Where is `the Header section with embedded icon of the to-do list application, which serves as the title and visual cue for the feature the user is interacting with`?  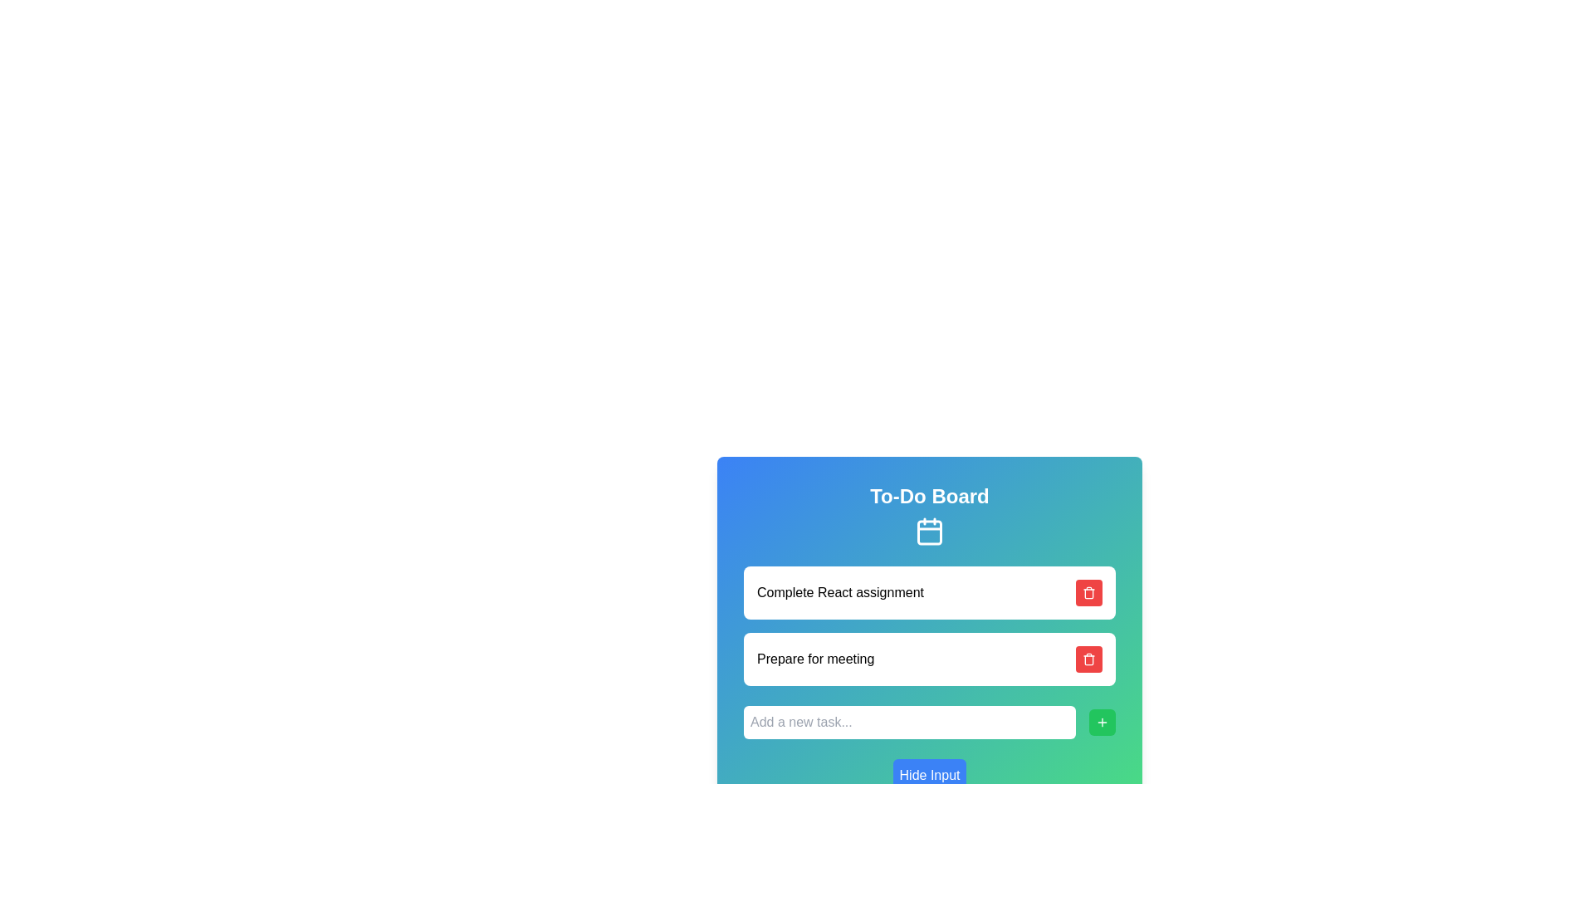
the Header section with embedded icon of the to-do list application, which serves as the title and visual cue for the feature the user is interacting with is located at coordinates (928, 514).